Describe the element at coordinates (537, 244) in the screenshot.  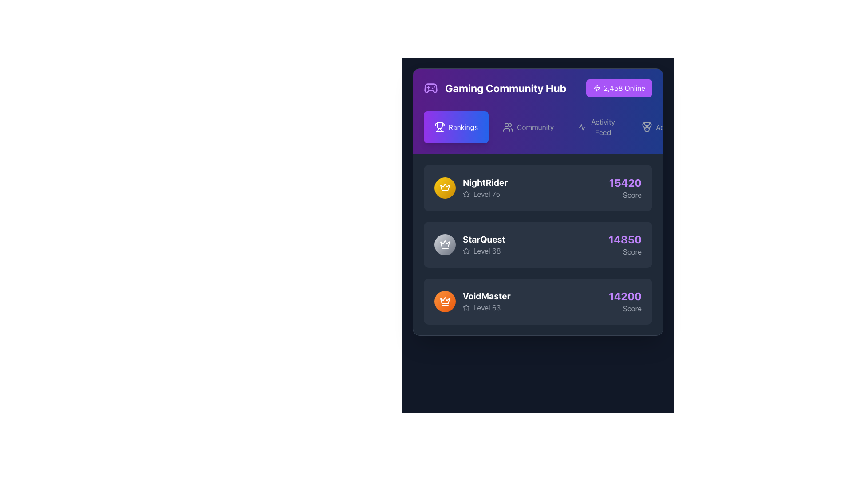
I see `the second entry in the leaderboard which displays 'StarQuest' with a score of '14850'` at that location.